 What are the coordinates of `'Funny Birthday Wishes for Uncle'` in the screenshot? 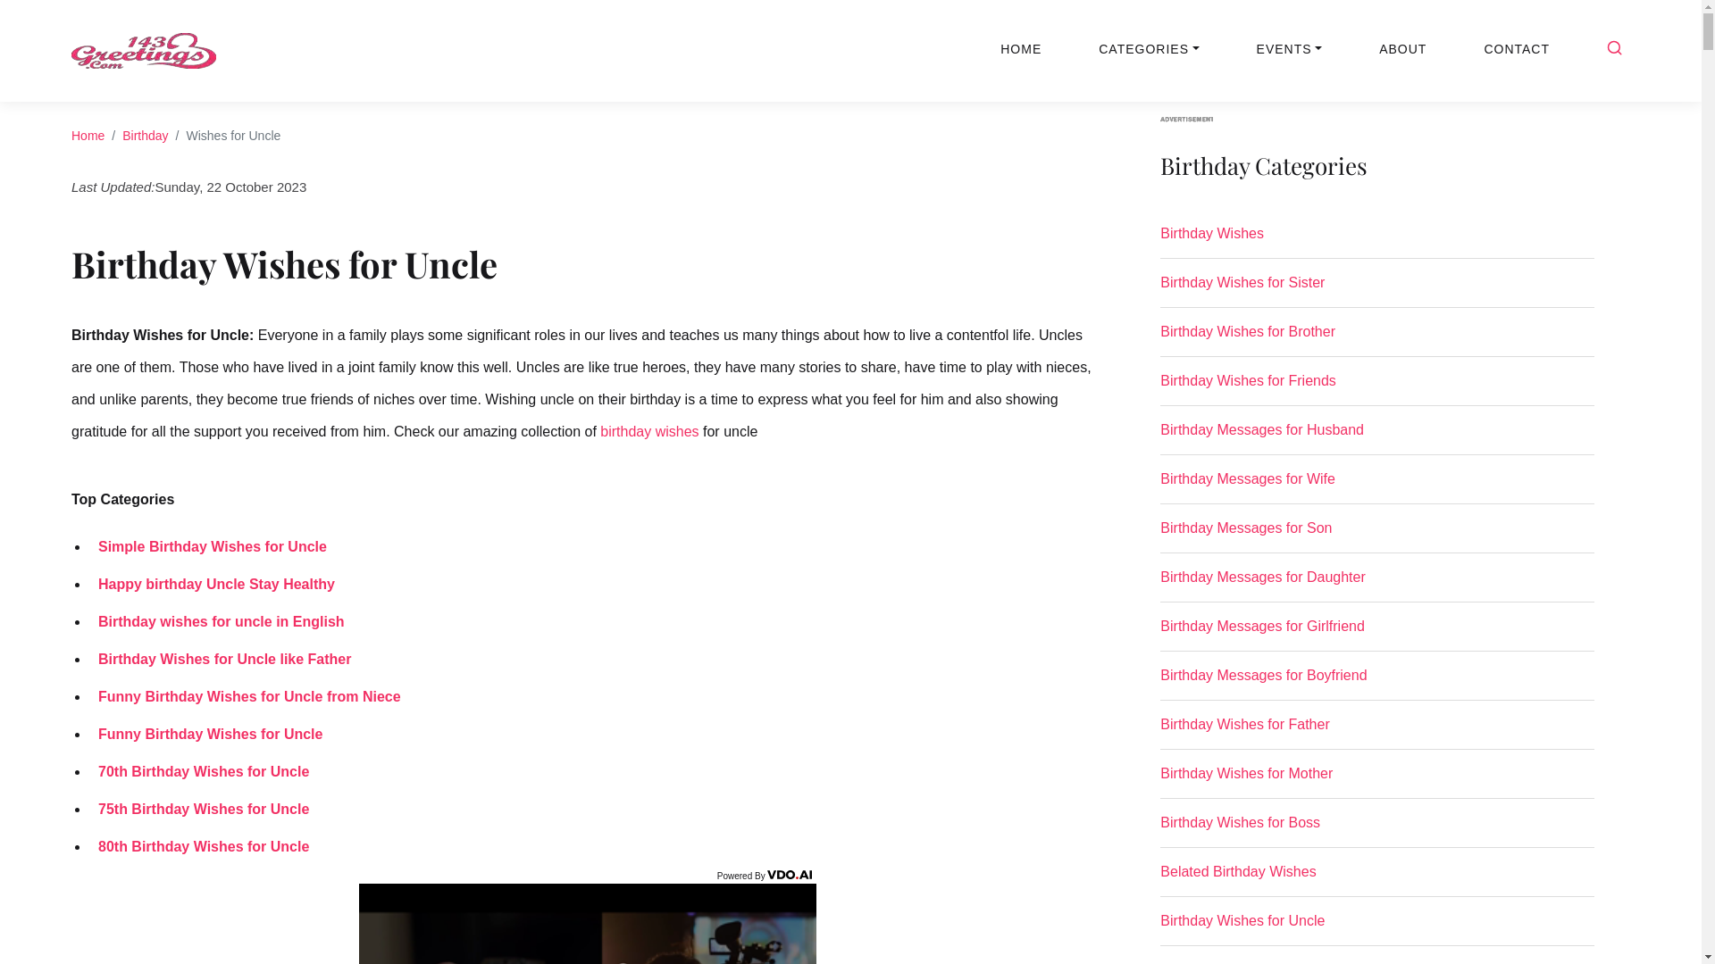 It's located at (88, 734).